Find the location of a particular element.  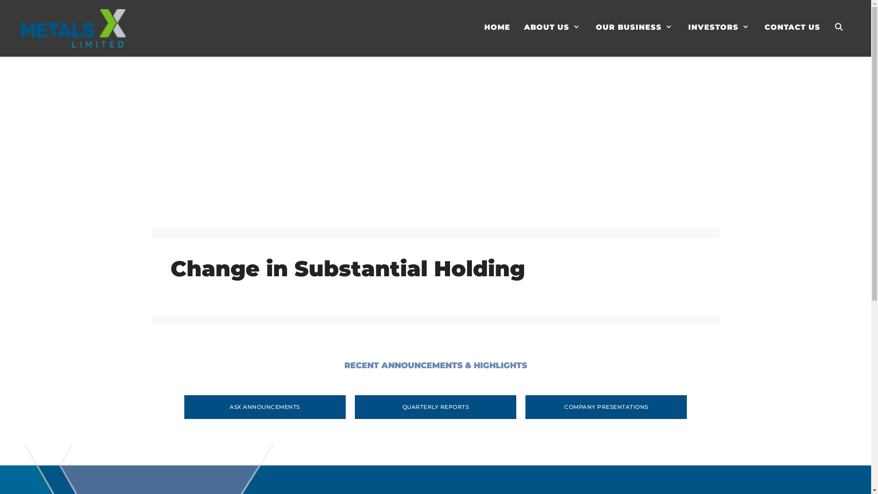

'Metals X Limited' is located at coordinates (20, 27).